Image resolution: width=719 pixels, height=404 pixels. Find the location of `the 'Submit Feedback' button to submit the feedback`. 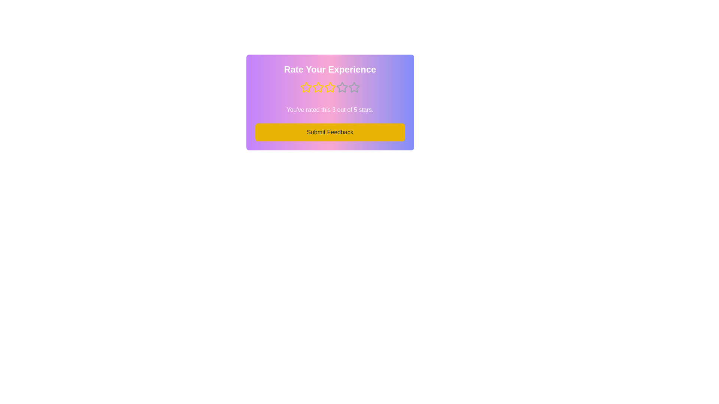

the 'Submit Feedback' button to submit the feedback is located at coordinates (330, 132).